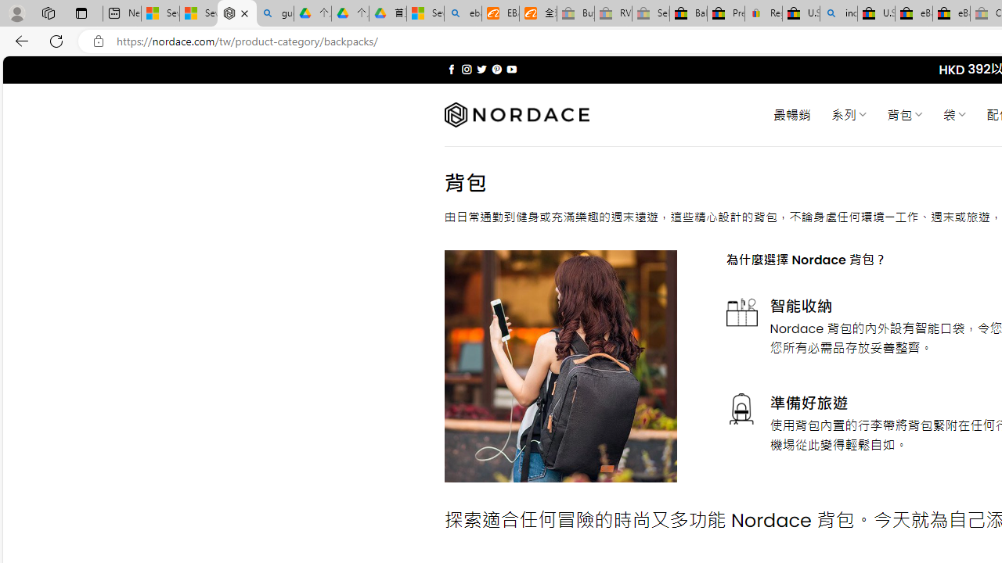 This screenshot has width=1002, height=563. Describe the element at coordinates (651, 13) in the screenshot. I see `'Sell worldwide with eBay - Sleeping'` at that location.